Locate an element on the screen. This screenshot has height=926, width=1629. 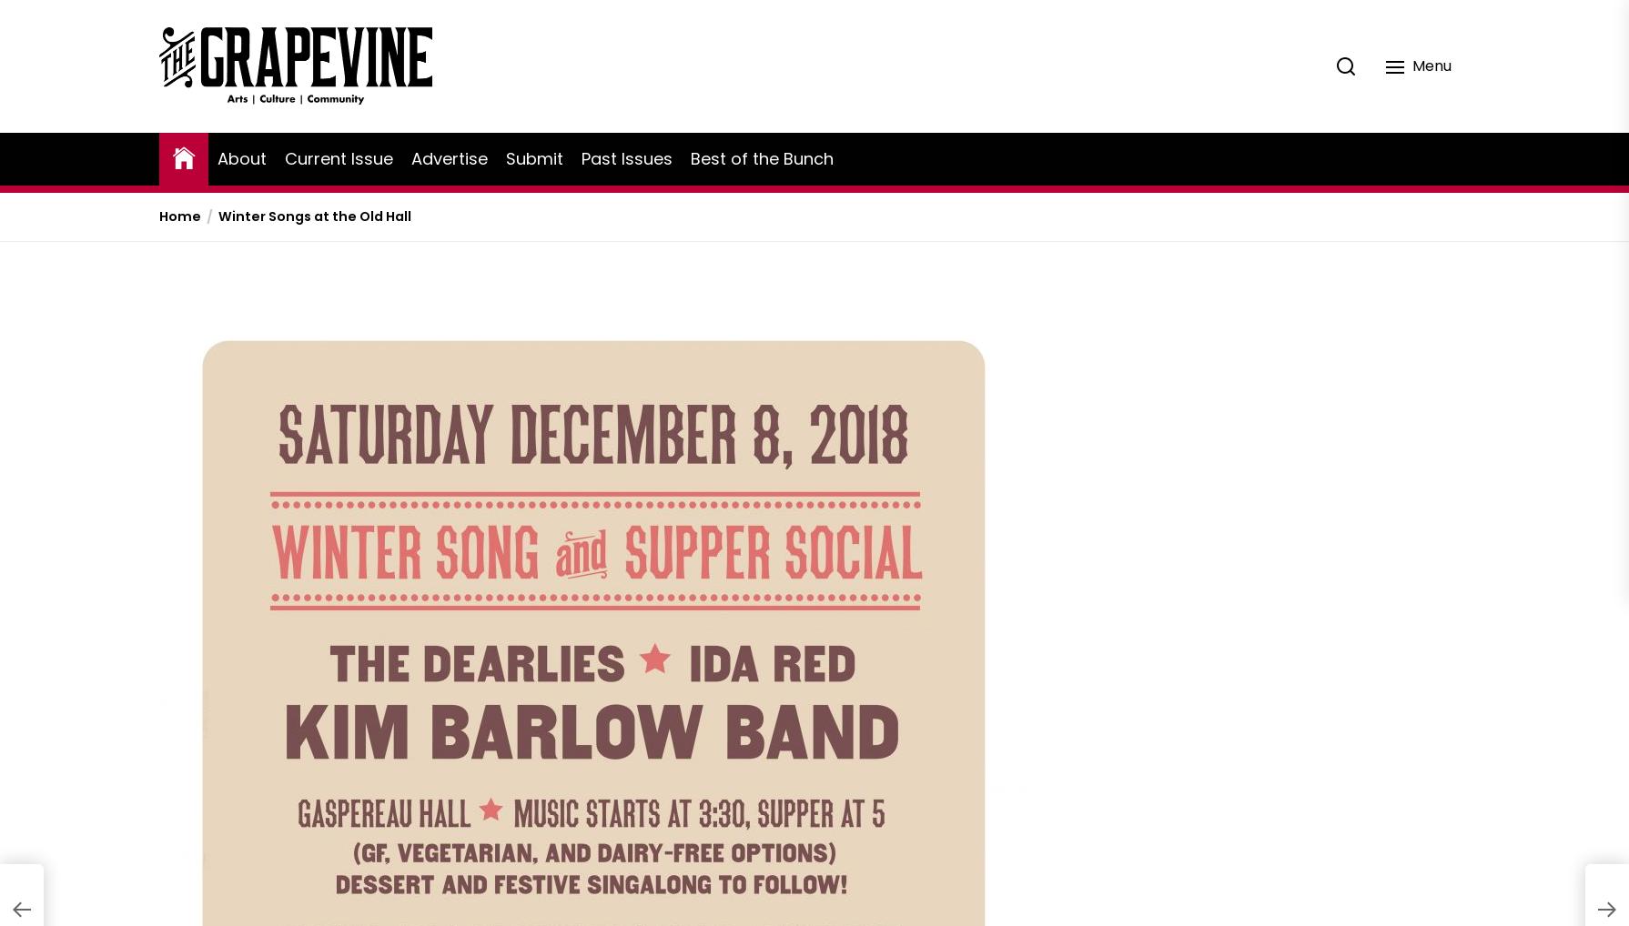
'About' is located at coordinates (241, 157).